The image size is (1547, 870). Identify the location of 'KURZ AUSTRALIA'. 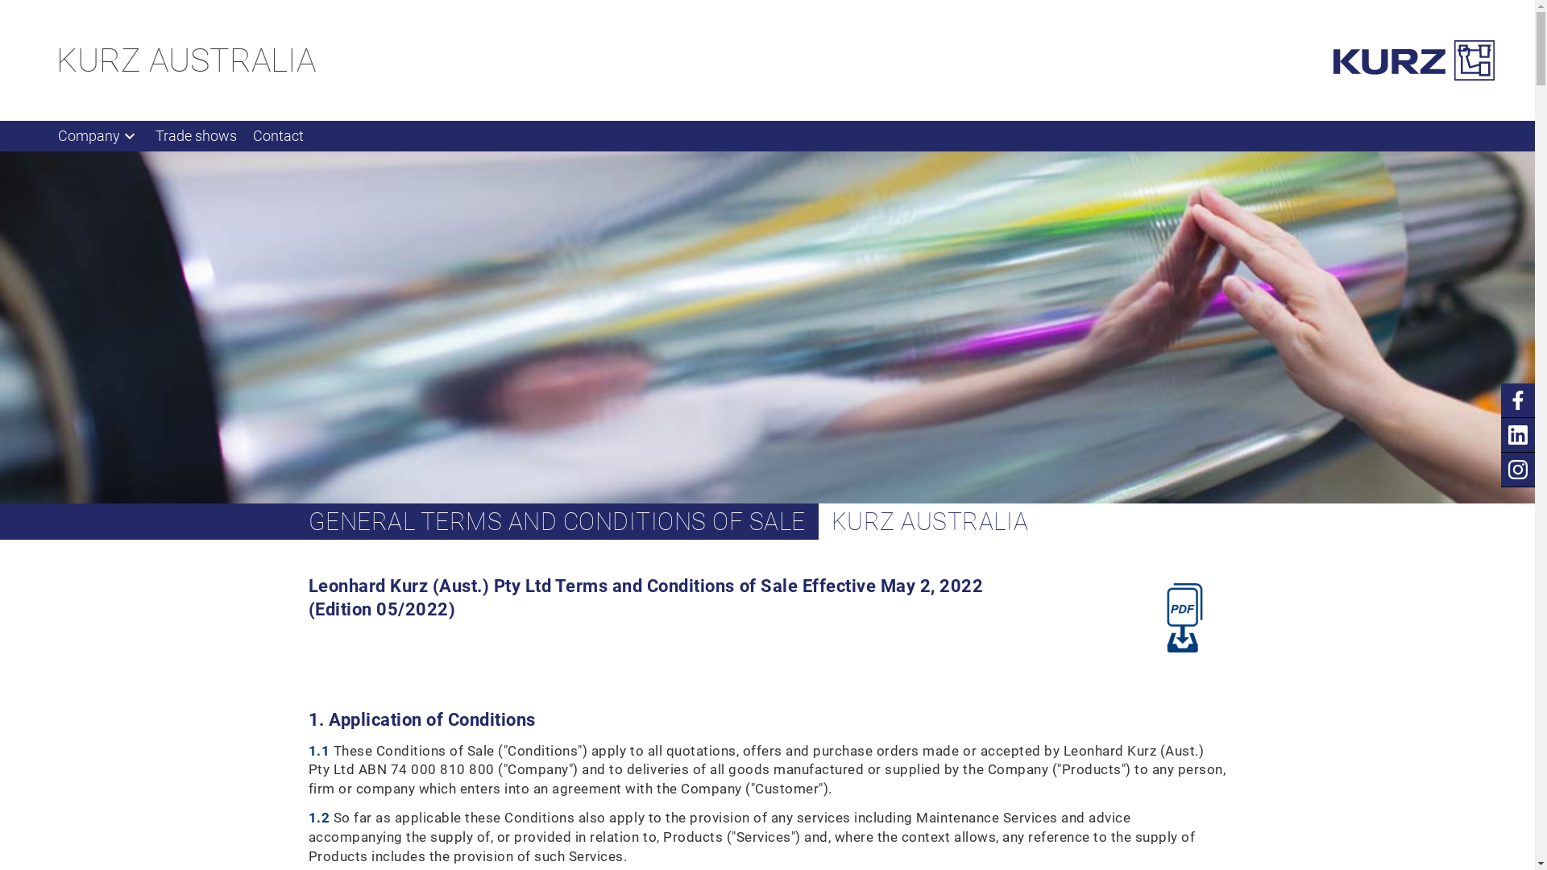
(185, 59).